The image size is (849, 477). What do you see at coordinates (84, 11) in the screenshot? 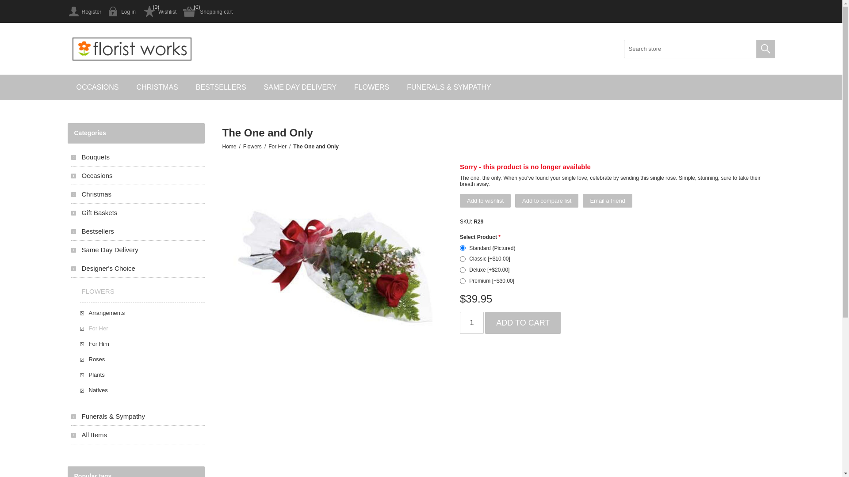
I see `'Register'` at bounding box center [84, 11].